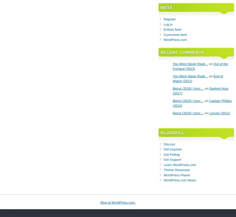 This screenshot has width=236, height=217. I want to click on 'Lincoln (2012)', so click(219, 113).